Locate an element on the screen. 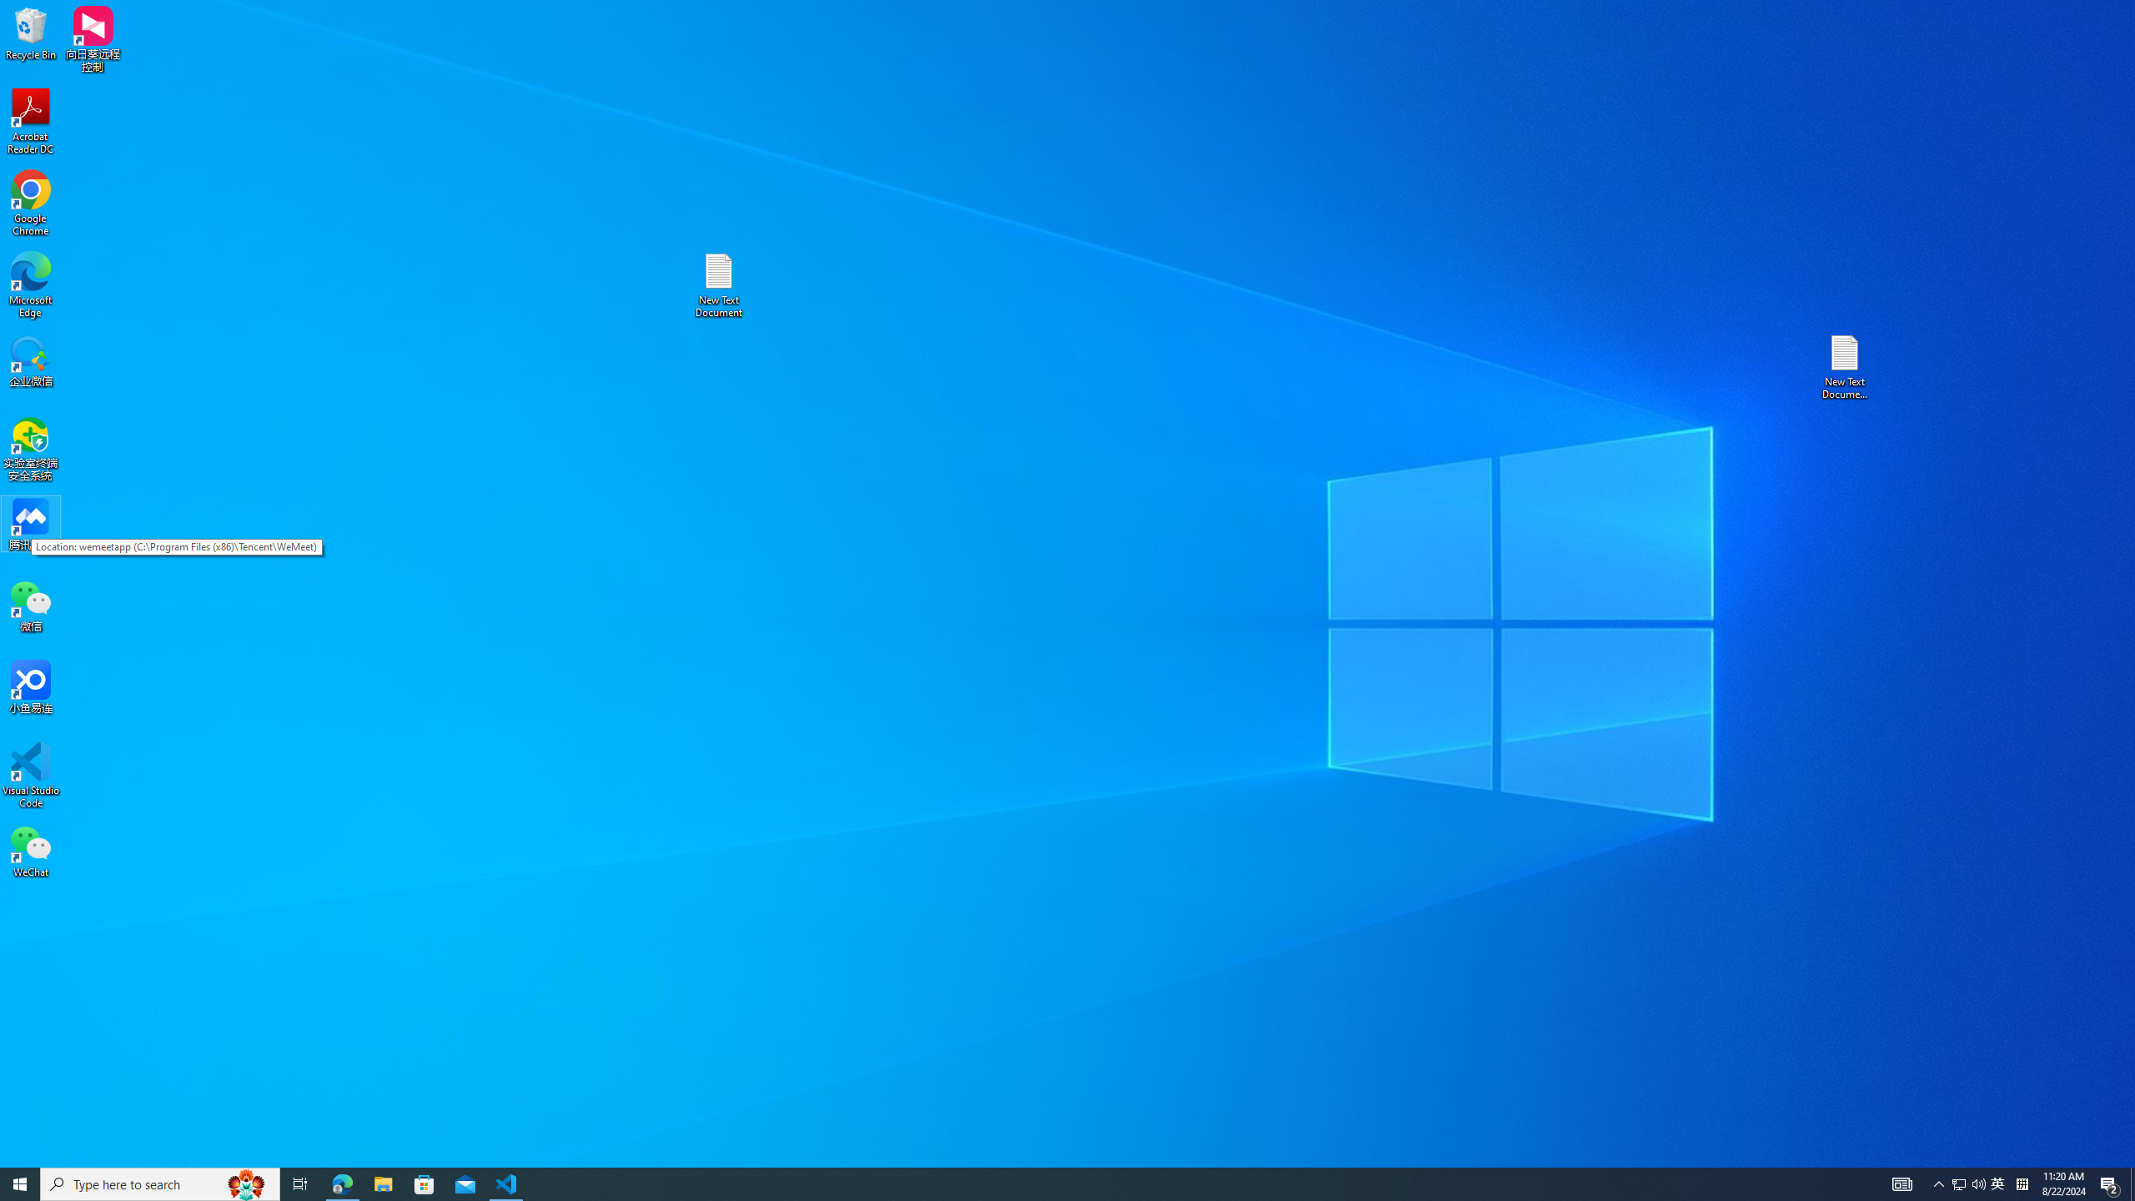  'Acrobat Reader DC' is located at coordinates (30, 121).